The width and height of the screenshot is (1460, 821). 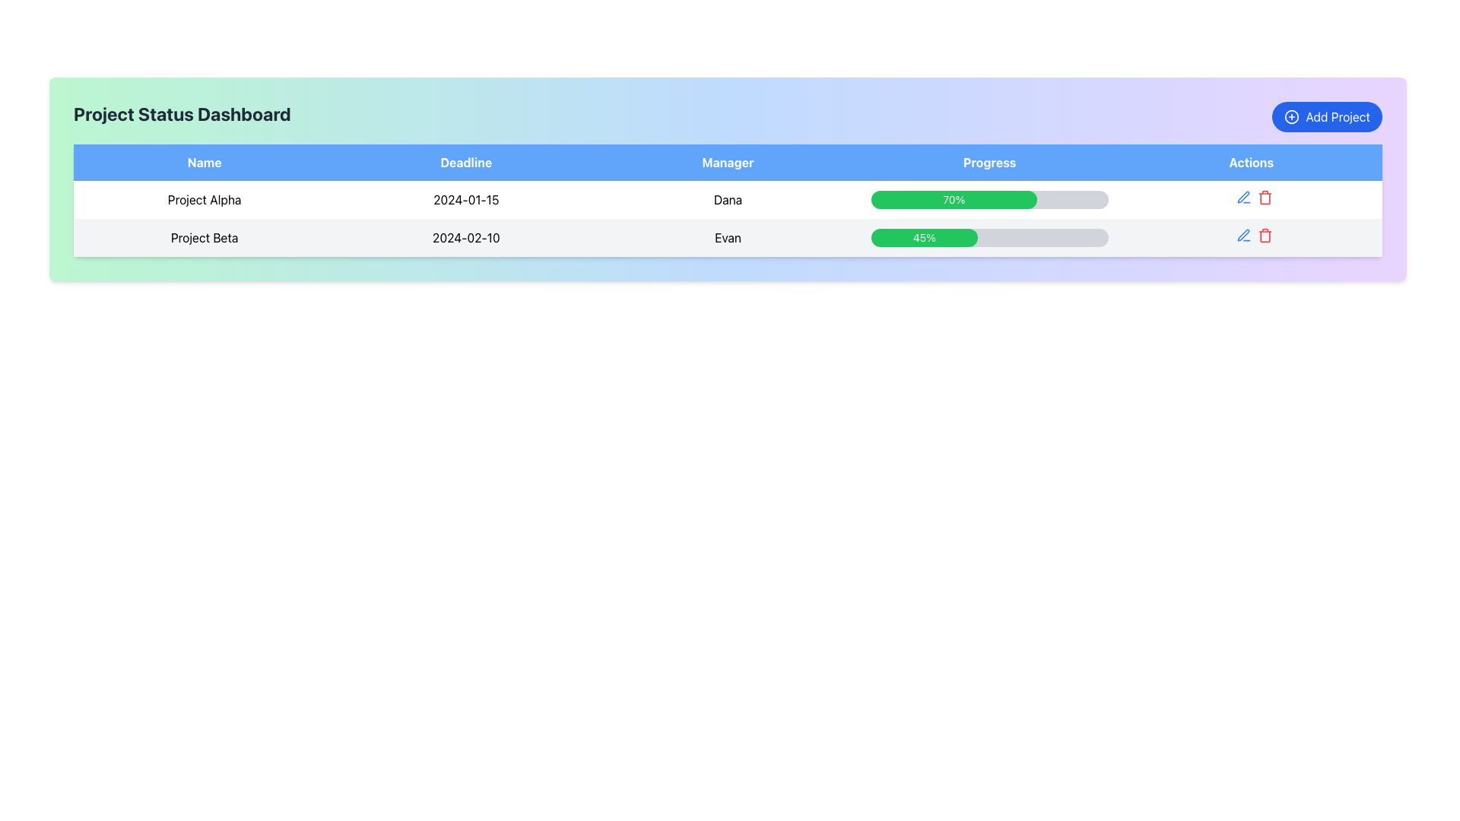 What do you see at coordinates (465, 162) in the screenshot?
I see `the 'Deadline' text label in the table header, which is the second item in a row of headers, located near the top-center of the interface` at bounding box center [465, 162].